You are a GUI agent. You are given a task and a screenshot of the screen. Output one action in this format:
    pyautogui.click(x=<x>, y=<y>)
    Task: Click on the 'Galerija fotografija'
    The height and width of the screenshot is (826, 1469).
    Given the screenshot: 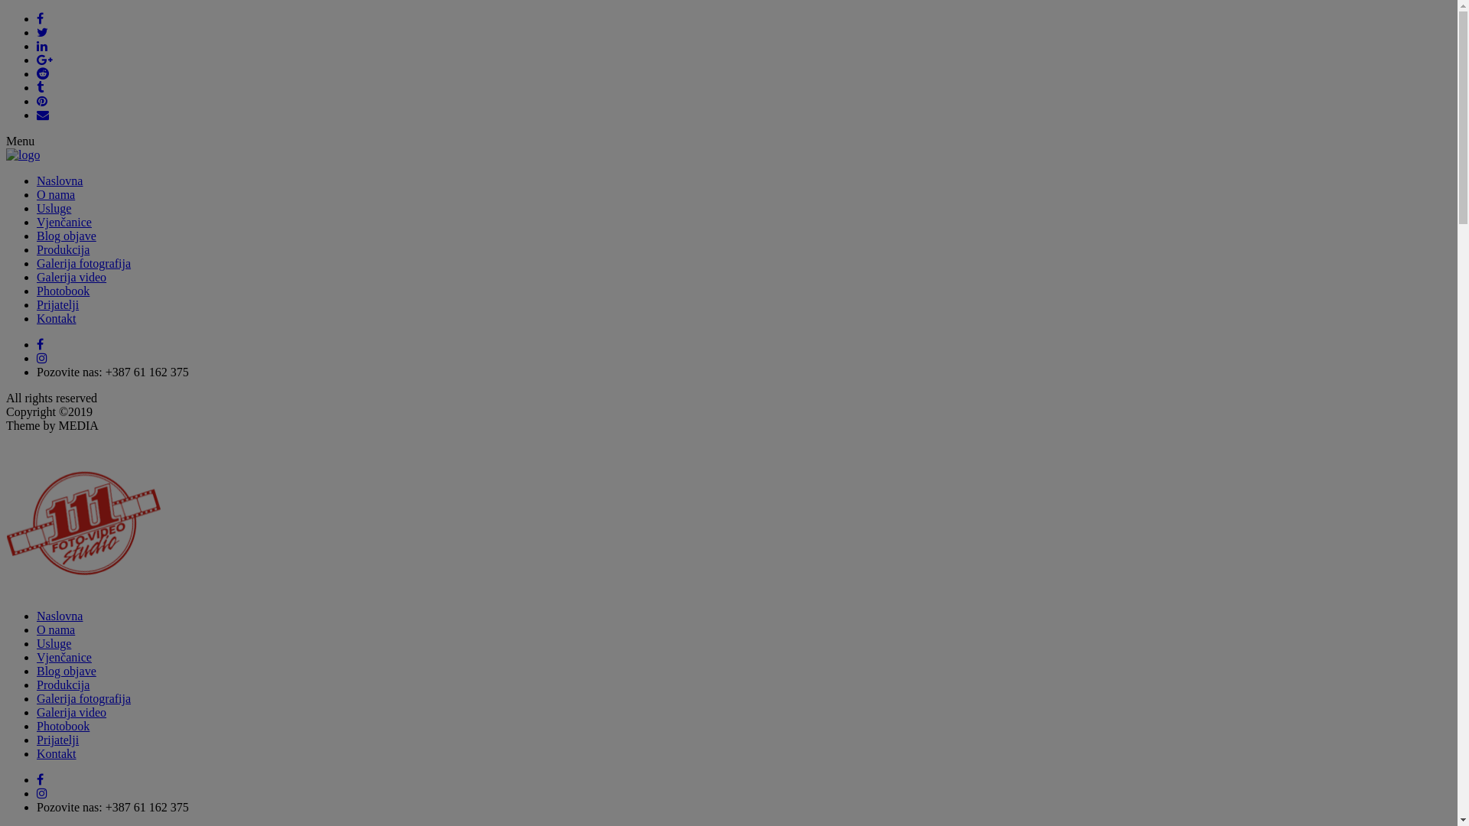 What is the action you would take?
    pyautogui.click(x=83, y=262)
    